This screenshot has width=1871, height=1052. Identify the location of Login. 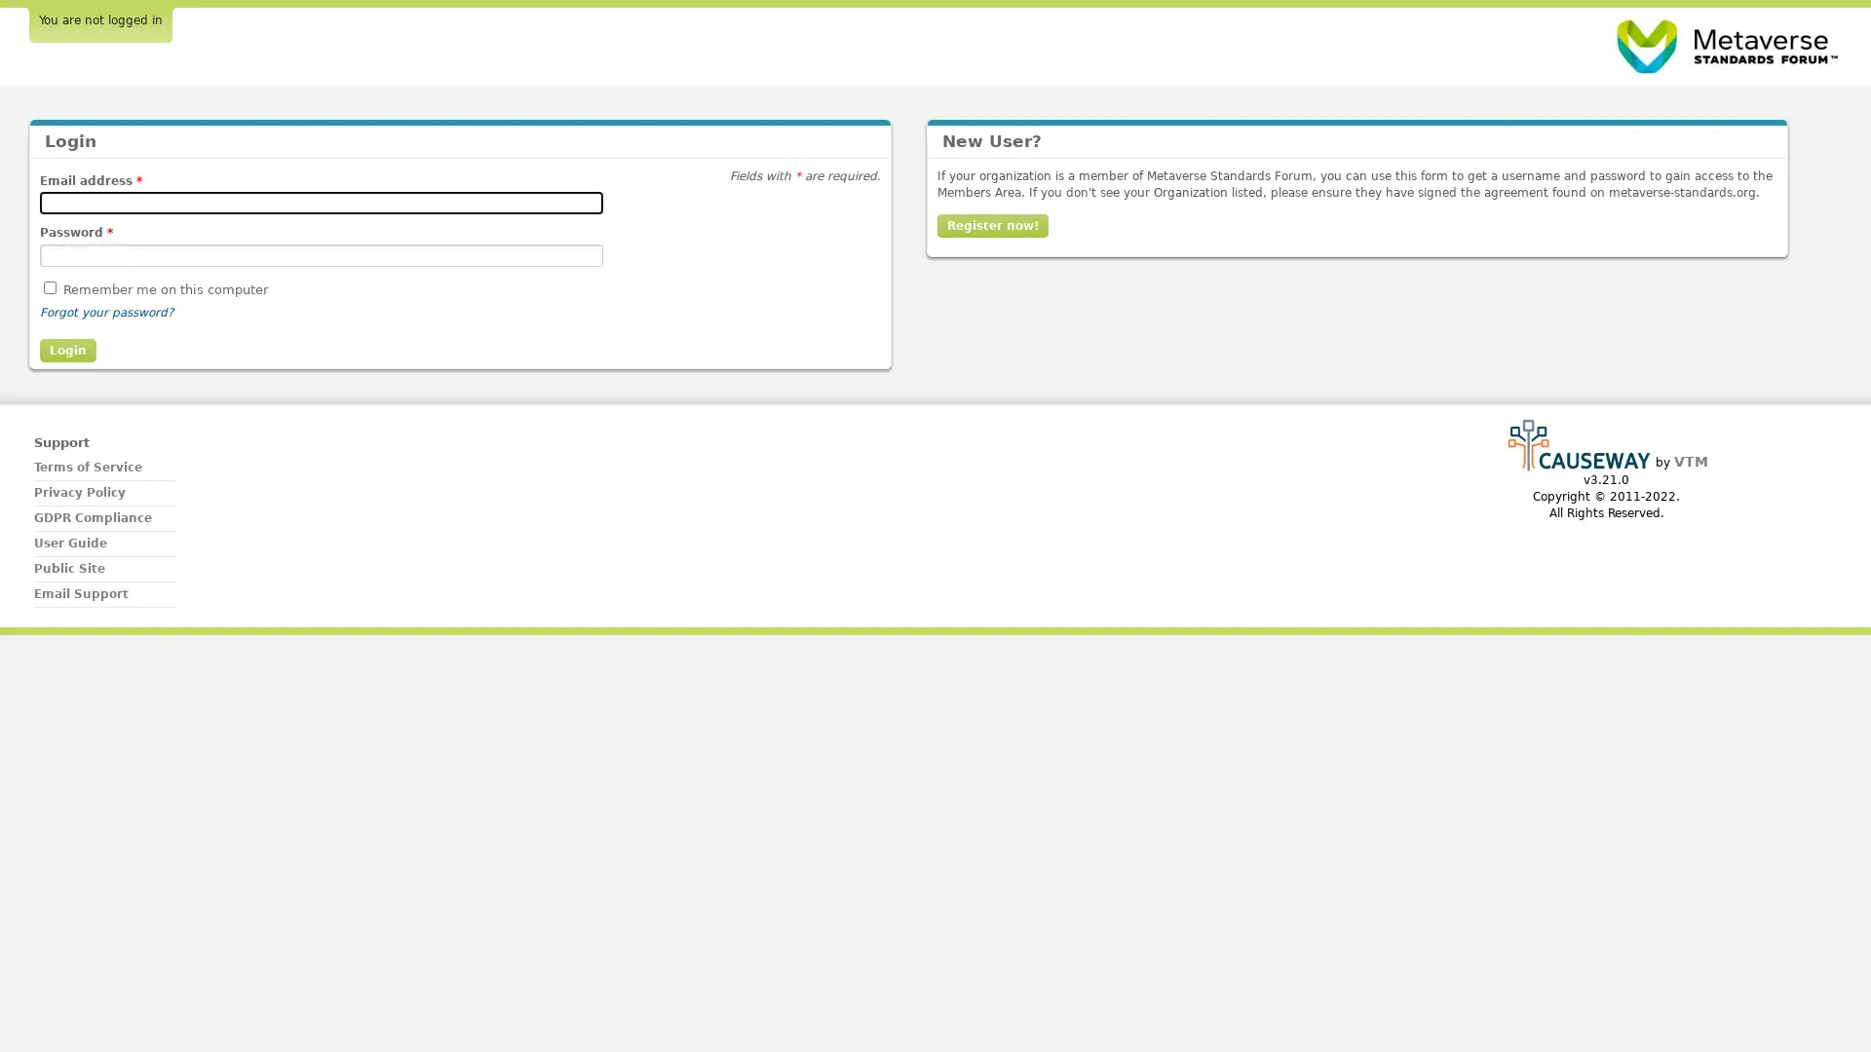
(68, 348).